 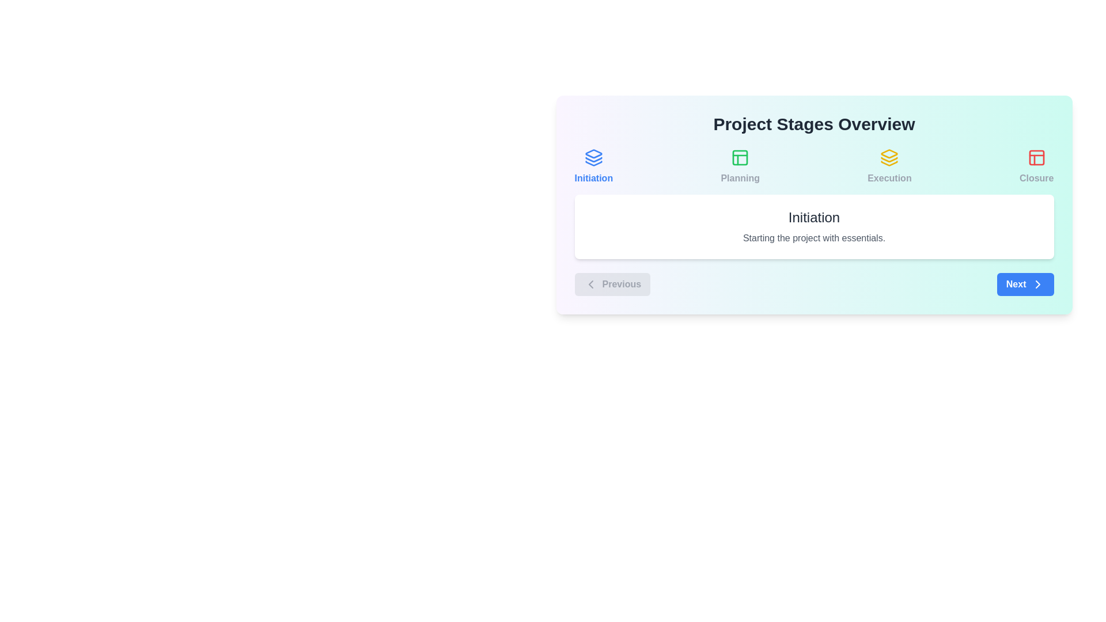 What do you see at coordinates (889, 157) in the screenshot?
I see `the 'Execution' stage icon, which serves as a visual representation for the execution process in the overview` at bounding box center [889, 157].